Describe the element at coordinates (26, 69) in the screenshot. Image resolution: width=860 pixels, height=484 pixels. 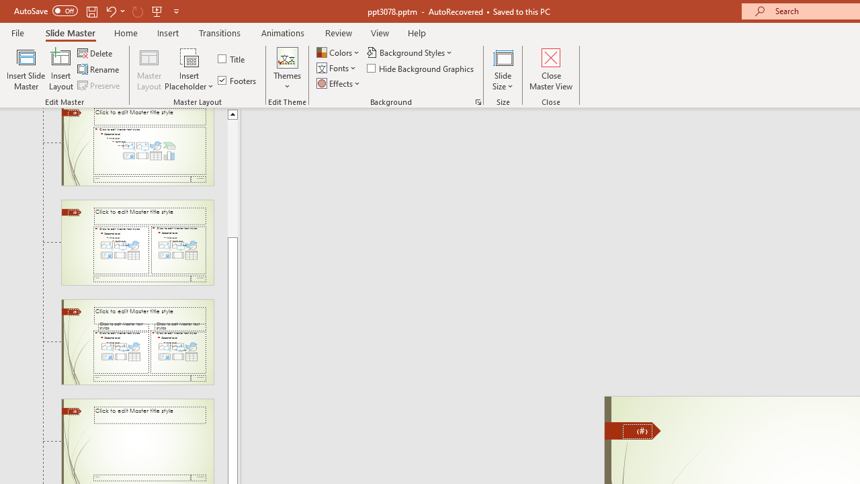
I see `'Insert Slide Master'` at that location.